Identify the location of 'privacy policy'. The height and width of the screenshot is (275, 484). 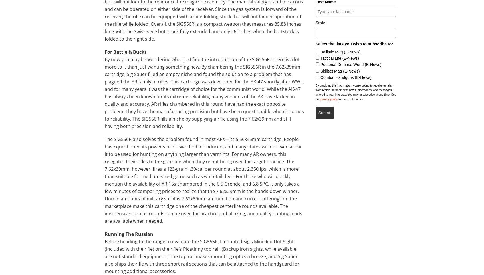
(320, 99).